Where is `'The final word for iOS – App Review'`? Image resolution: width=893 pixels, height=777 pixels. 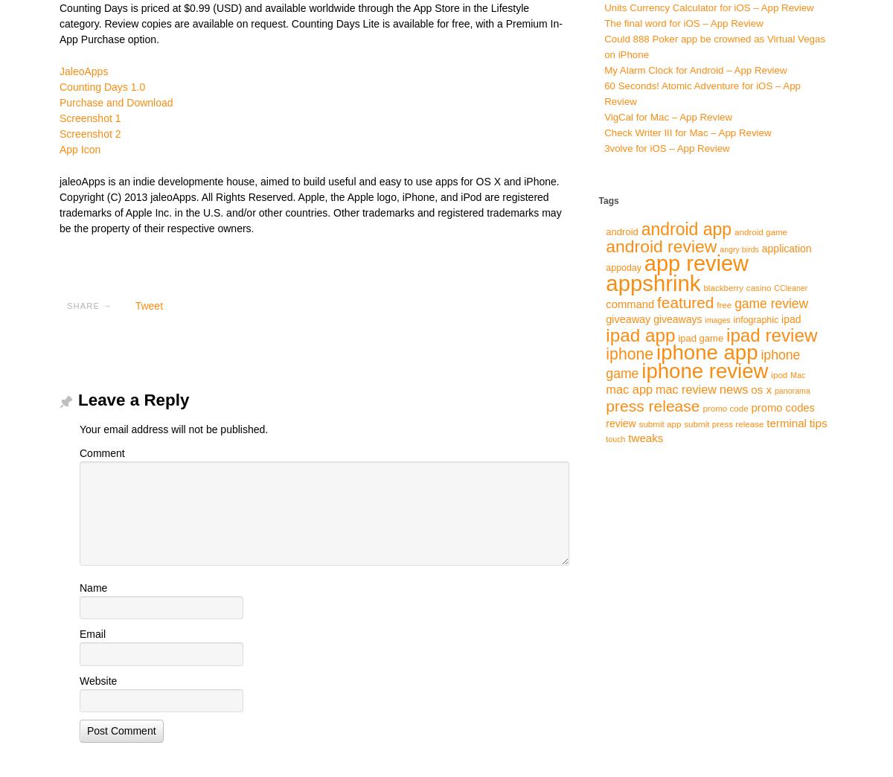 'The final word for iOS – App Review' is located at coordinates (683, 22).